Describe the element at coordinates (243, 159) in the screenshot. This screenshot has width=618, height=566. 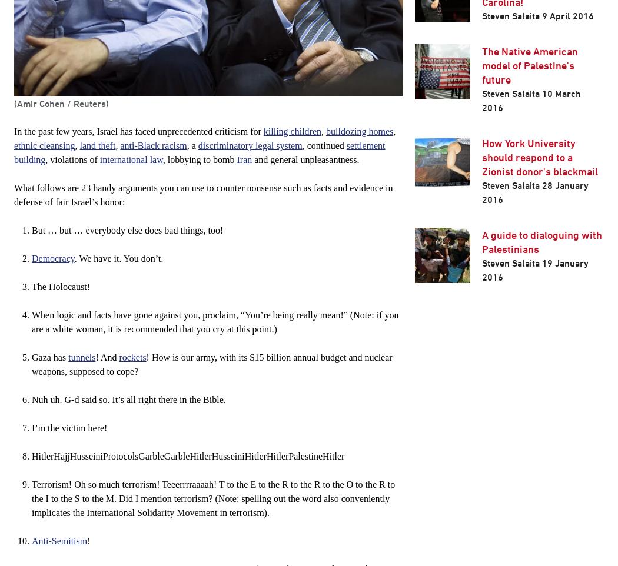
I see `'Iran'` at that location.